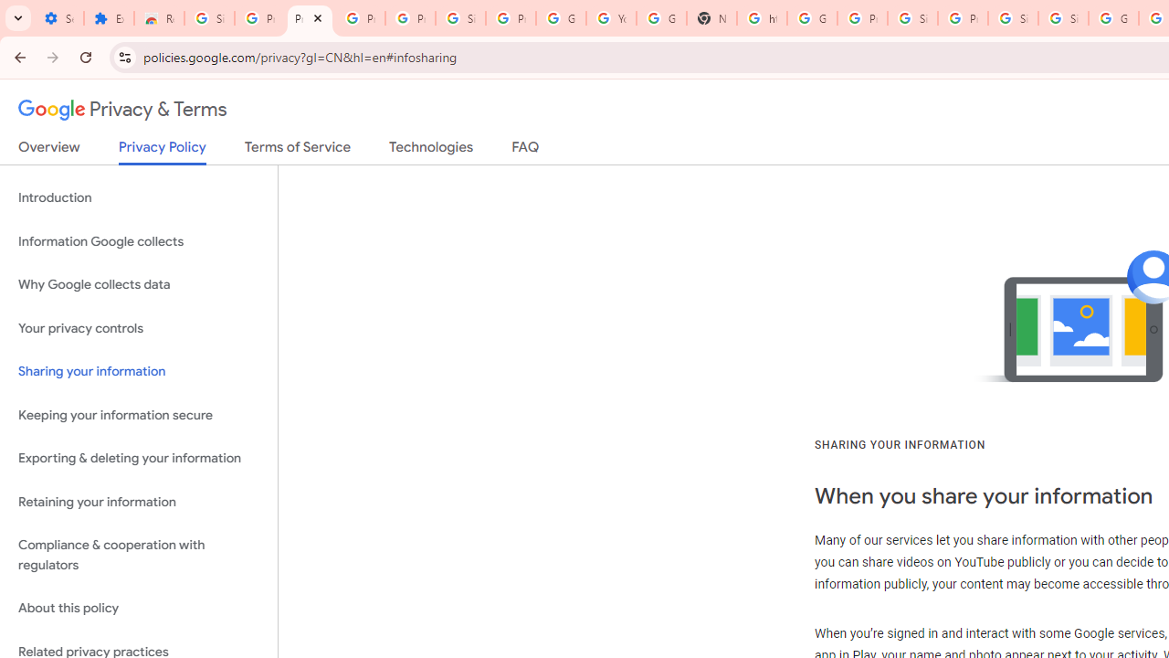  What do you see at coordinates (159, 18) in the screenshot?
I see `'Reviews: Helix Fruit Jump Arcade Game'` at bounding box center [159, 18].